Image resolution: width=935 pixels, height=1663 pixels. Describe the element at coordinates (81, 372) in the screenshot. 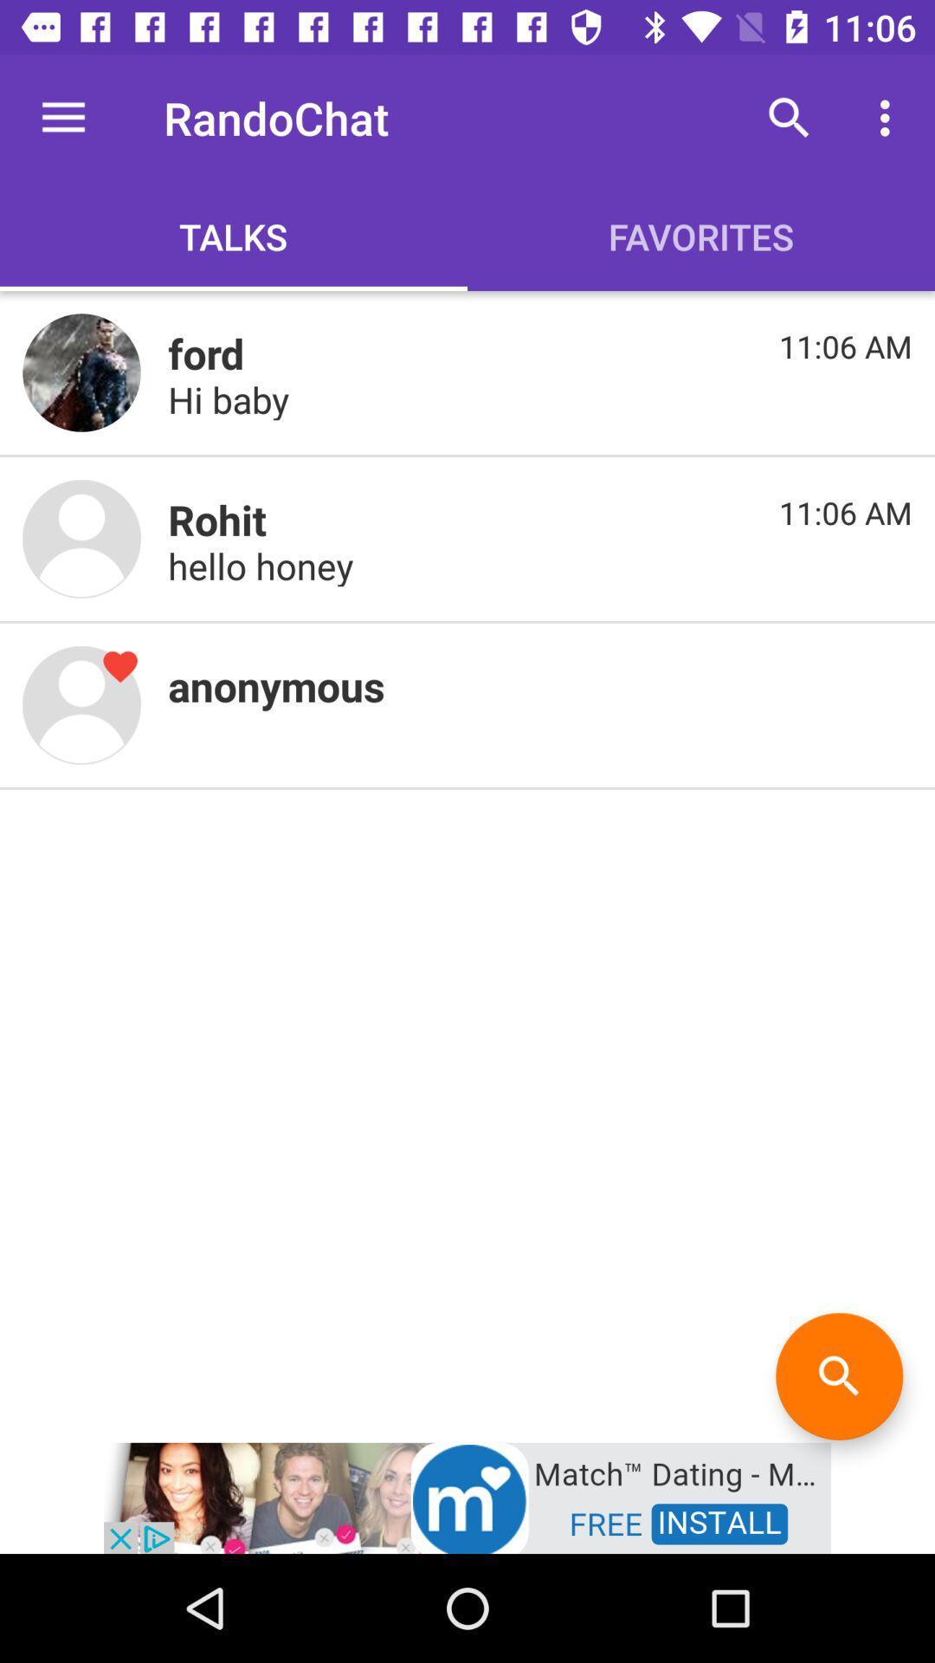

I see `profile` at that location.